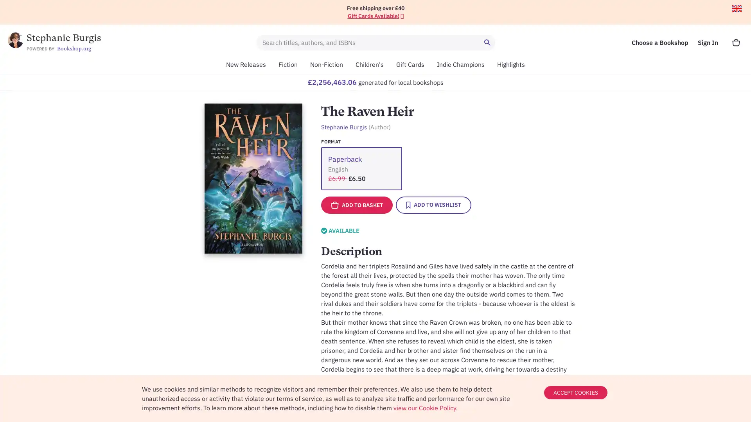 This screenshot has height=422, width=751. Describe the element at coordinates (575, 392) in the screenshot. I see `ACCEPT COOKIES` at that location.